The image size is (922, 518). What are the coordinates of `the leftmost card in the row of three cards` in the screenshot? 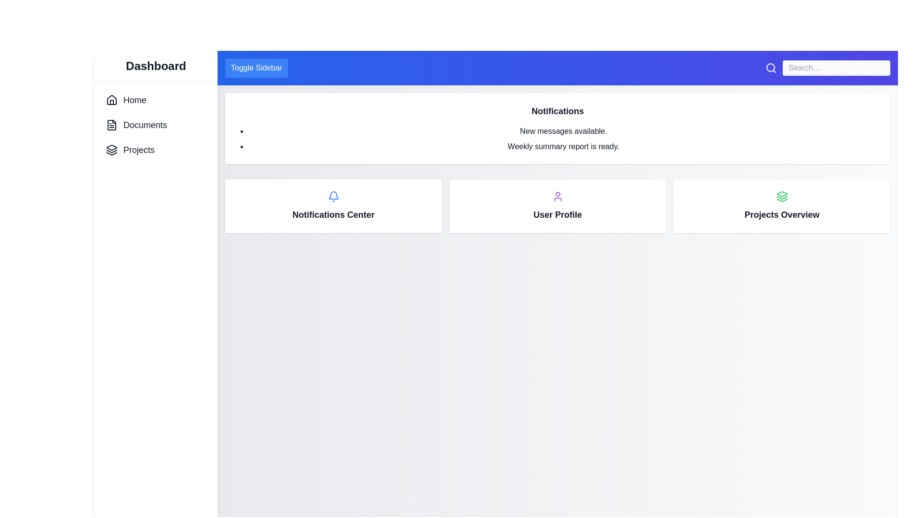 It's located at (333, 205).